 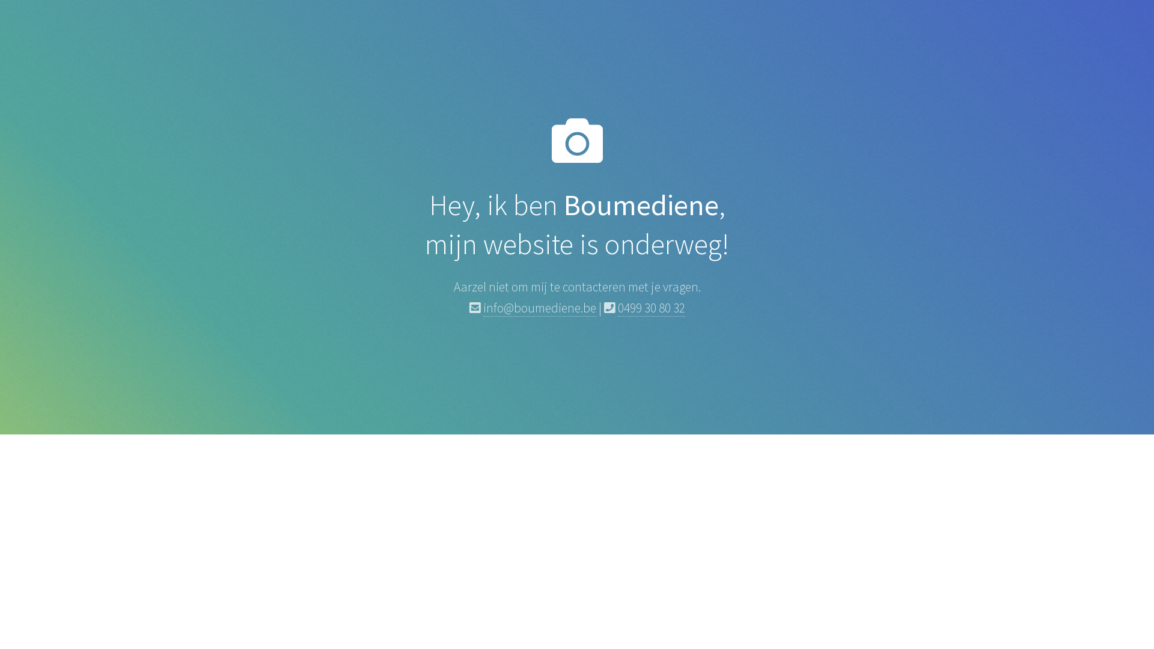 What do you see at coordinates (539, 308) in the screenshot?
I see `'info@boumediene.be'` at bounding box center [539, 308].